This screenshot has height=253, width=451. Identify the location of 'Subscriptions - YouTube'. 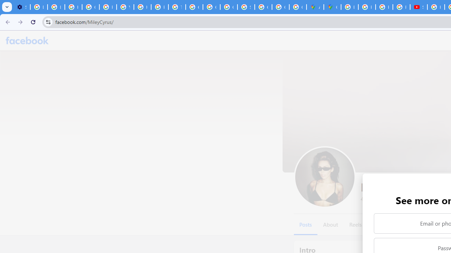
(419, 7).